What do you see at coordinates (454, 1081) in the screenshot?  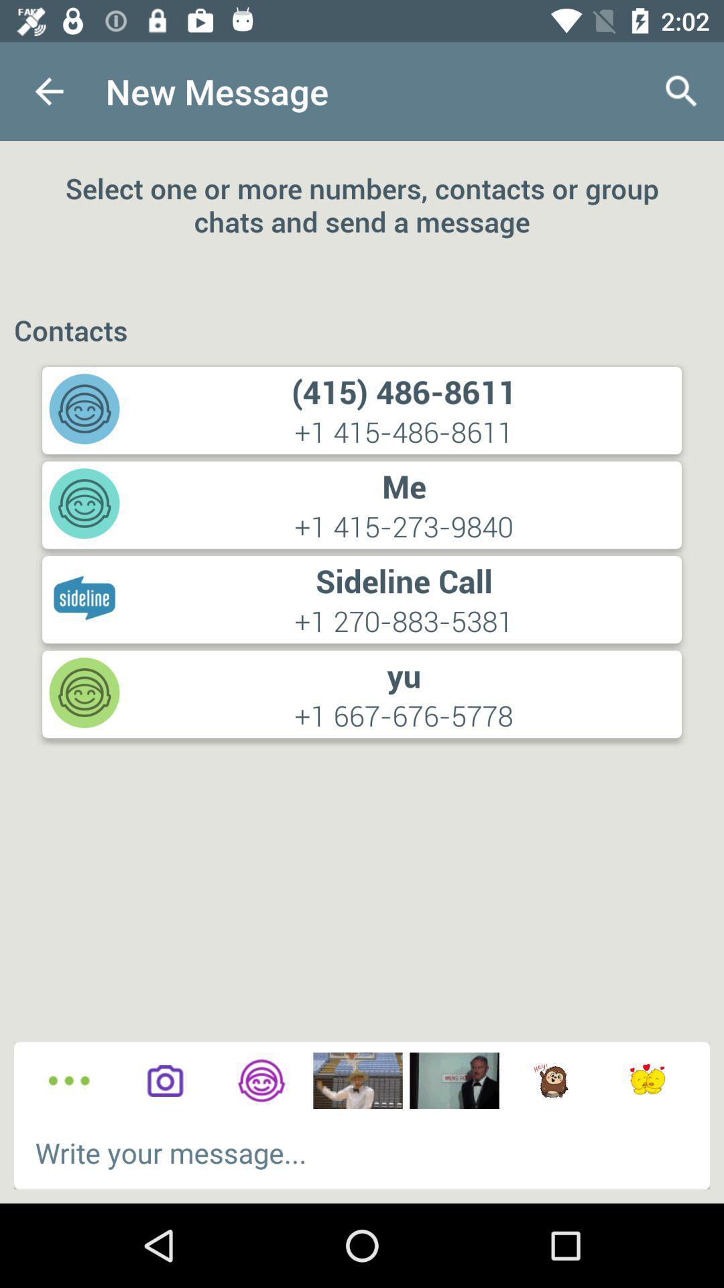 I see `images to chat` at bounding box center [454, 1081].